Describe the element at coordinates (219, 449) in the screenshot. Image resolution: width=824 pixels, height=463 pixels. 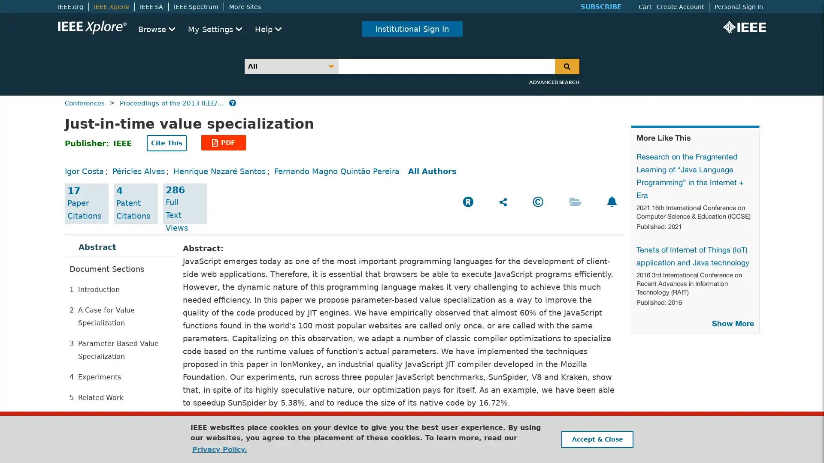
I see `learn more about cookies` at that location.